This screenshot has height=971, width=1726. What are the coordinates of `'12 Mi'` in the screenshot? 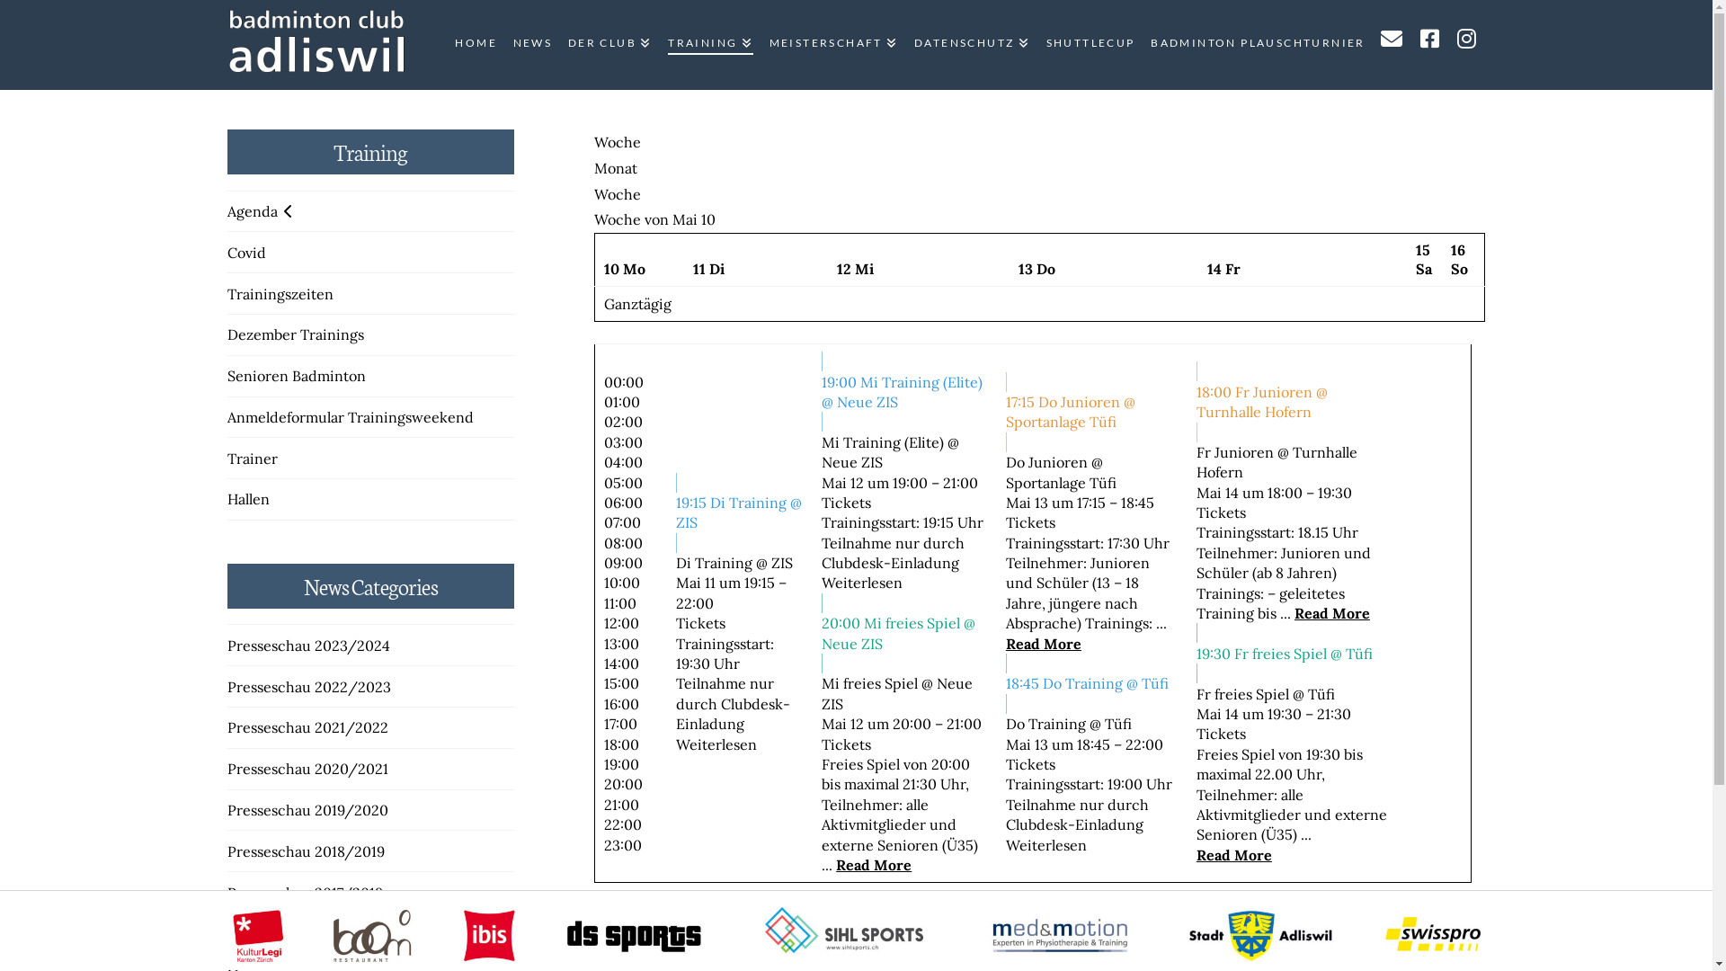 It's located at (854, 269).